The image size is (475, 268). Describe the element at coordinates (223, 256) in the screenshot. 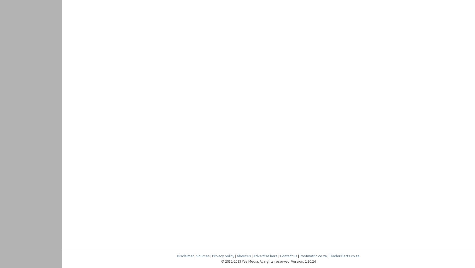

I see `'Privacy policy'` at that location.